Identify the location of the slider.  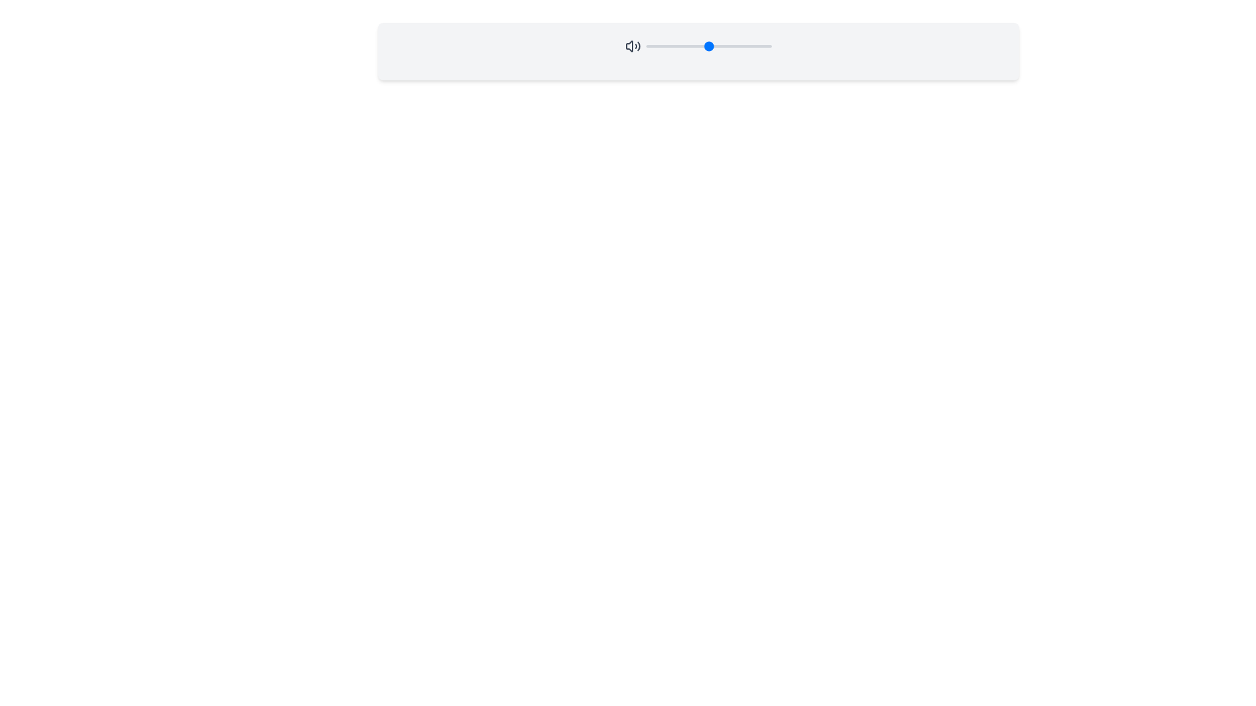
(738, 45).